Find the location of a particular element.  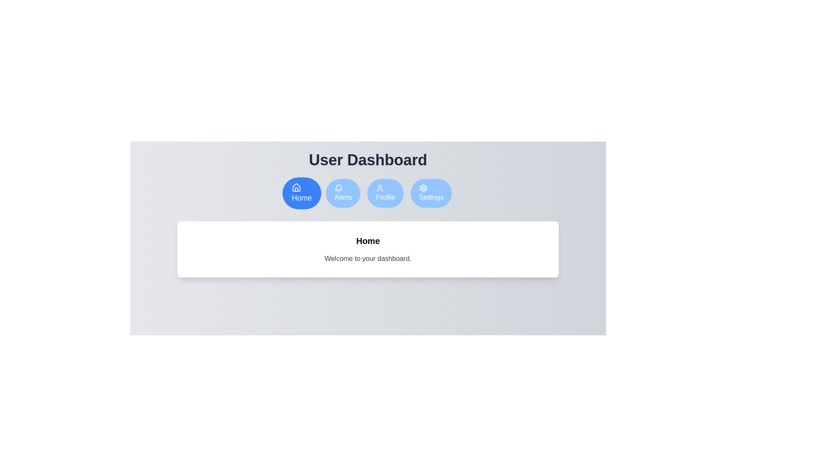

the Home tab by clicking on the respective button is located at coordinates (301, 193).